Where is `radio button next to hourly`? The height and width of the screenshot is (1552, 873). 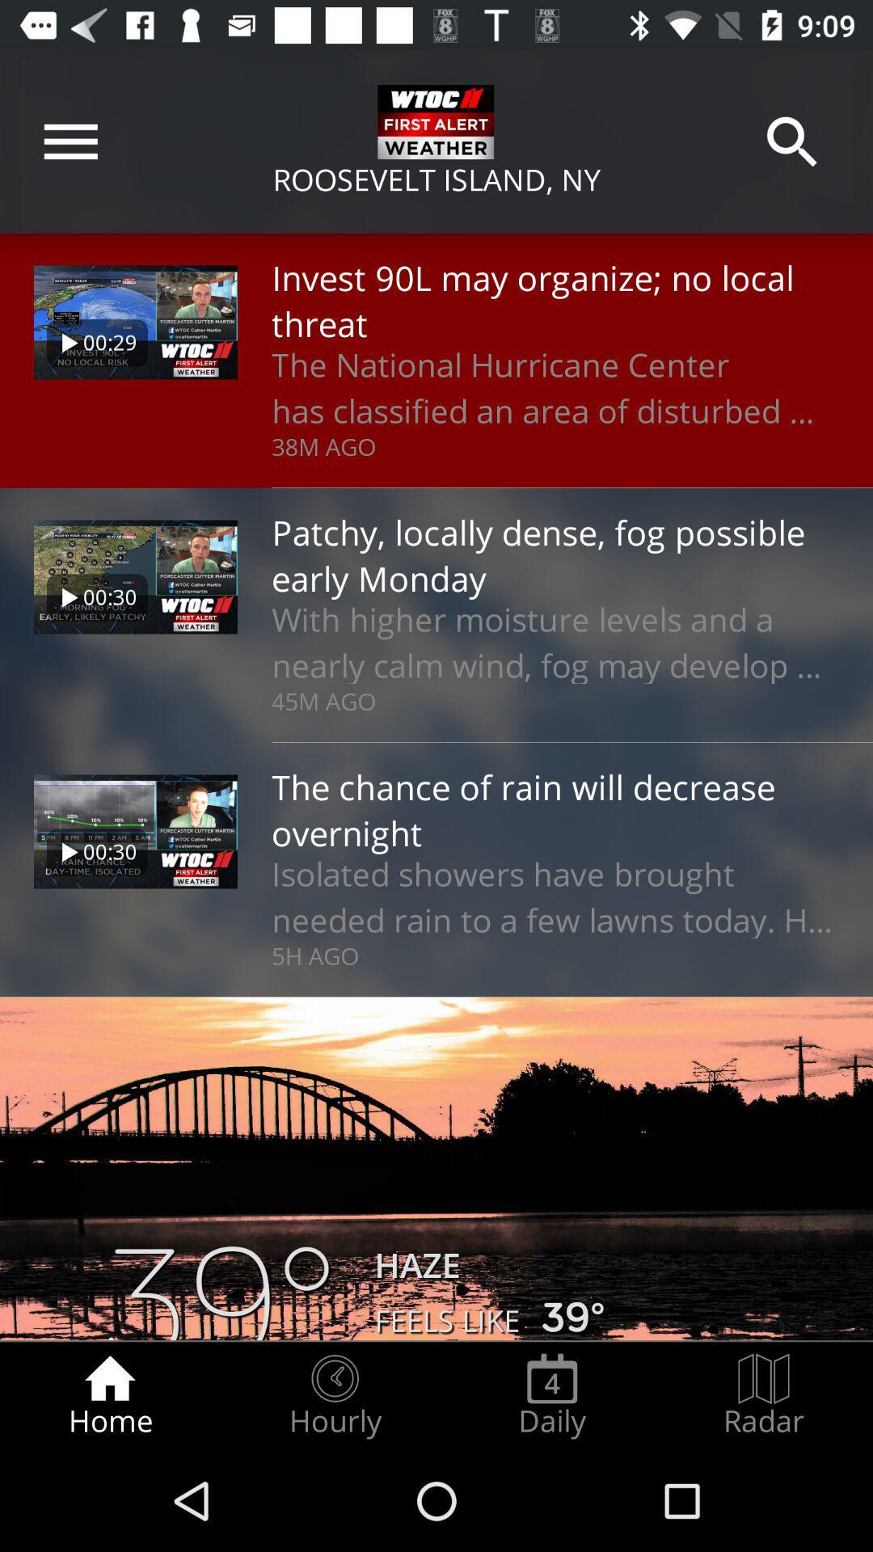 radio button next to hourly is located at coordinates (551, 1395).